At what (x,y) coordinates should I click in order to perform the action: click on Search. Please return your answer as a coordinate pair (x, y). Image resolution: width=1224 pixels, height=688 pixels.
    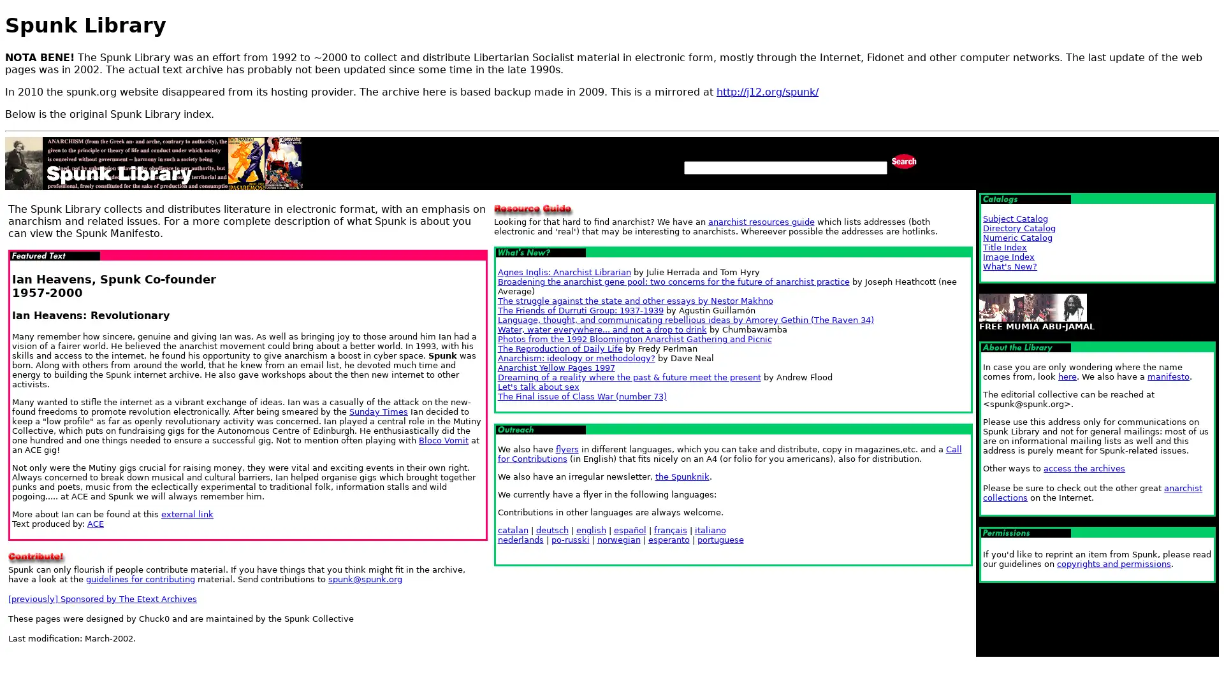
    Looking at the image, I should click on (903, 160).